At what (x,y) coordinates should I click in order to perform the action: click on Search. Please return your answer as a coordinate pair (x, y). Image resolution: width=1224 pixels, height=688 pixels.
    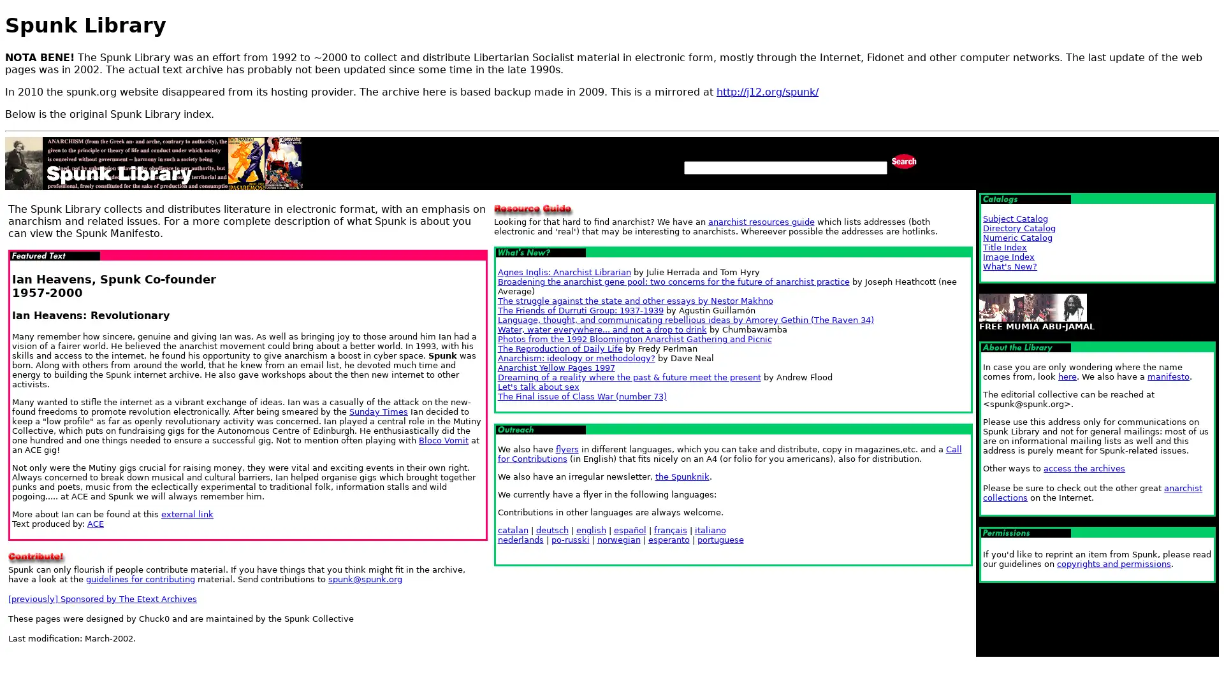
    Looking at the image, I should click on (903, 160).